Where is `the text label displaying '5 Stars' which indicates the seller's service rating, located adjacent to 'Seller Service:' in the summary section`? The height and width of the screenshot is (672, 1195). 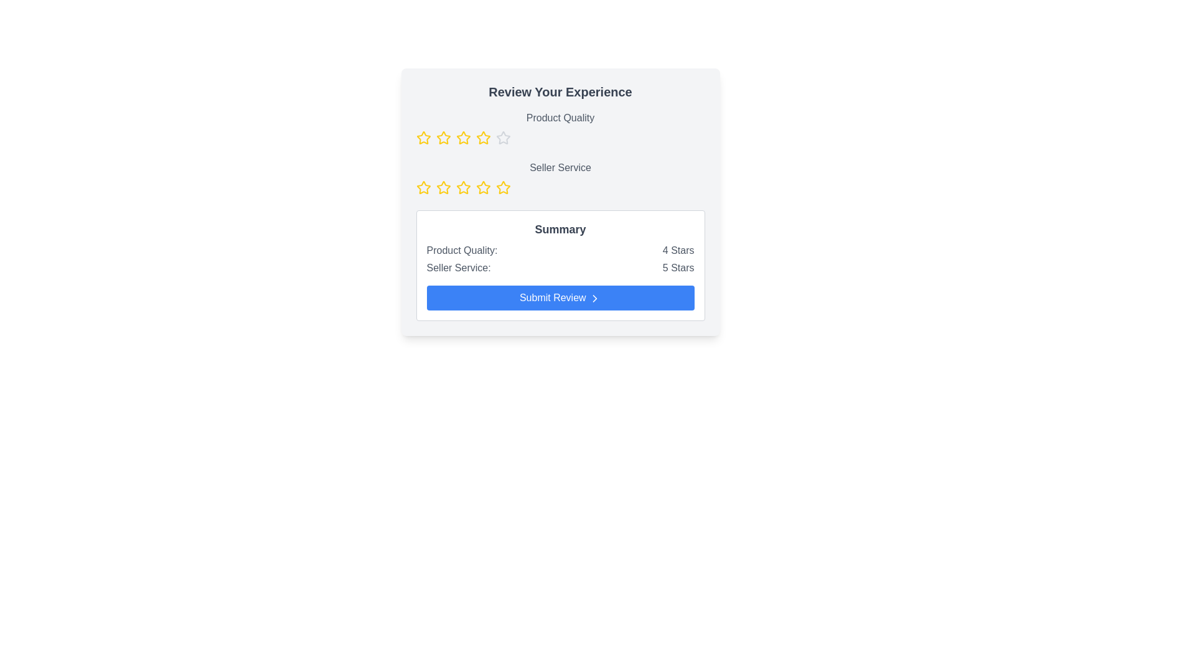 the text label displaying '5 Stars' which indicates the seller's service rating, located adjacent to 'Seller Service:' in the summary section is located at coordinates (678, 268).